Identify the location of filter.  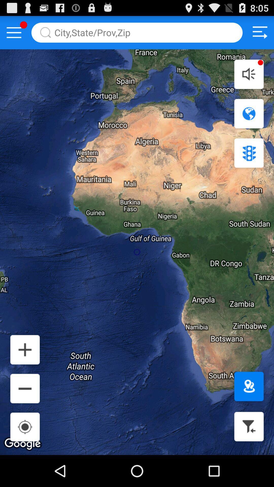
(249, 426).